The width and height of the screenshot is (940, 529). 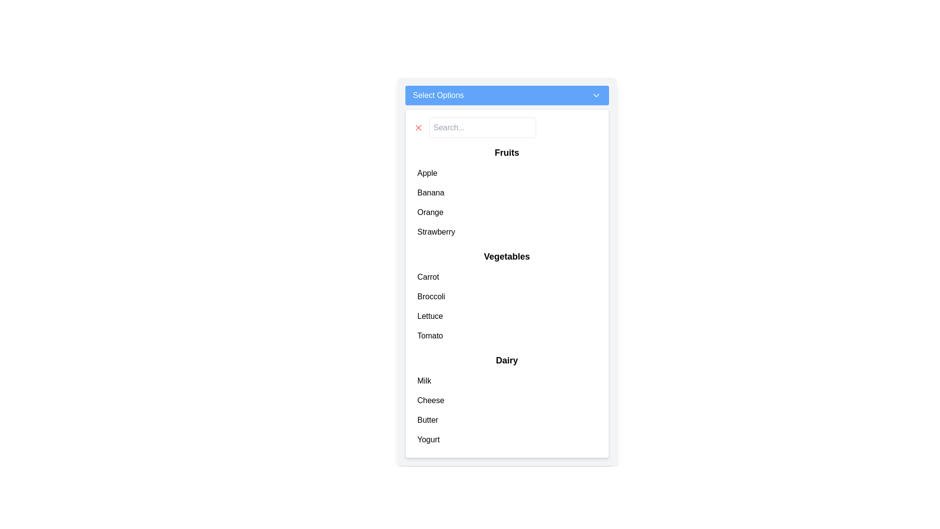 What do you see at coordinates (428, 277) in the screenshot?
I see `the 'Carrot' label, which is the first item under the 'Vegetables' subheading in the dropdown menu` at bounding box center [428, 277].